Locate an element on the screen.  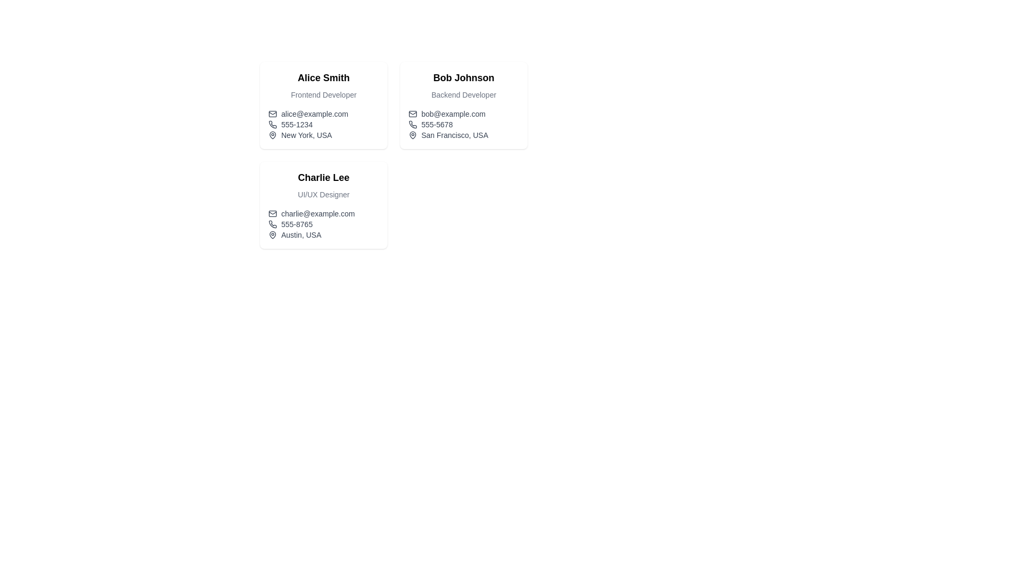
the email address display element associated with the profile of 'Bob Johnson', located below the job title 'Backend Developer' and above the phone number '555-5678' is located at coordinates (463, 114).